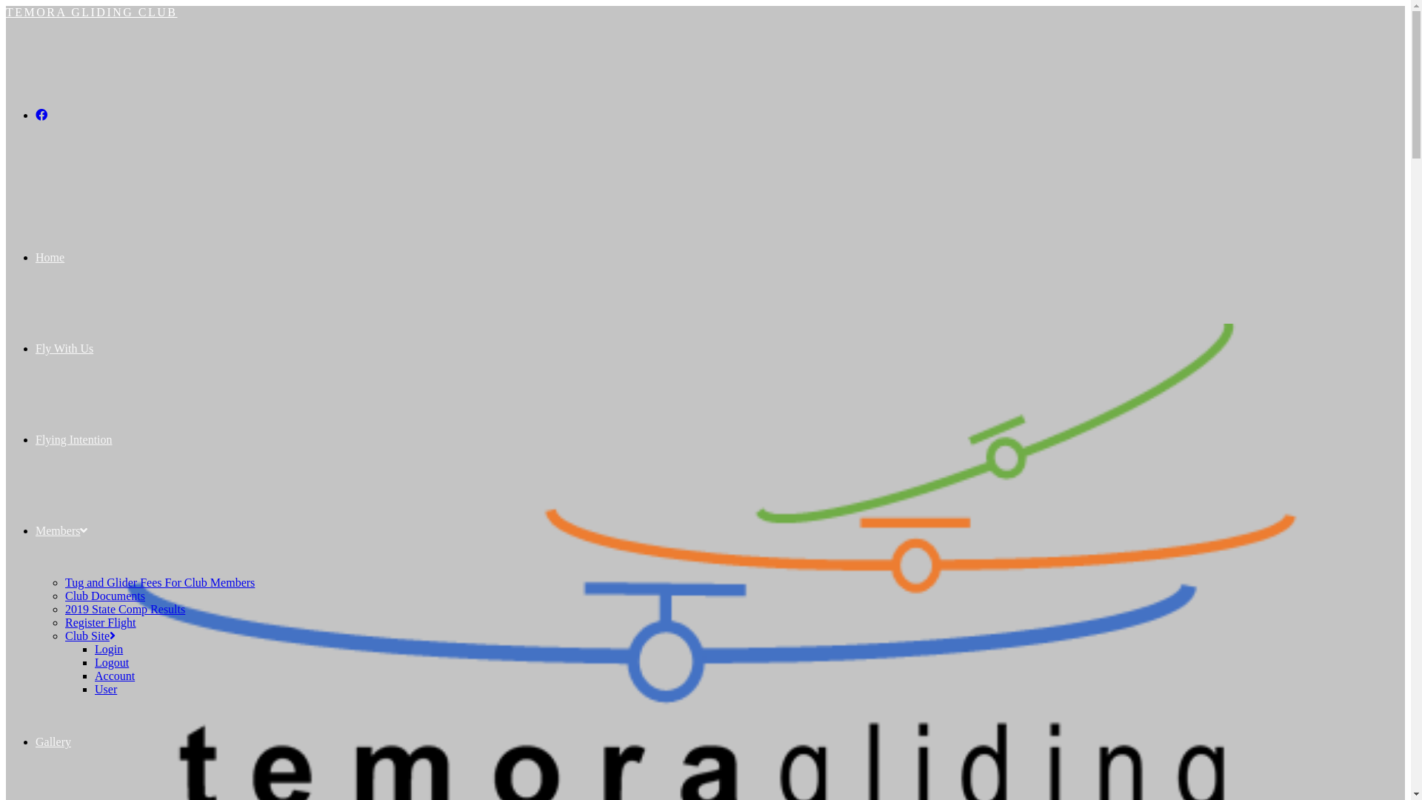 Image resolution: width=1422 pixels, height=800 pixels. I want to click on 'Account', so click(113, 676).